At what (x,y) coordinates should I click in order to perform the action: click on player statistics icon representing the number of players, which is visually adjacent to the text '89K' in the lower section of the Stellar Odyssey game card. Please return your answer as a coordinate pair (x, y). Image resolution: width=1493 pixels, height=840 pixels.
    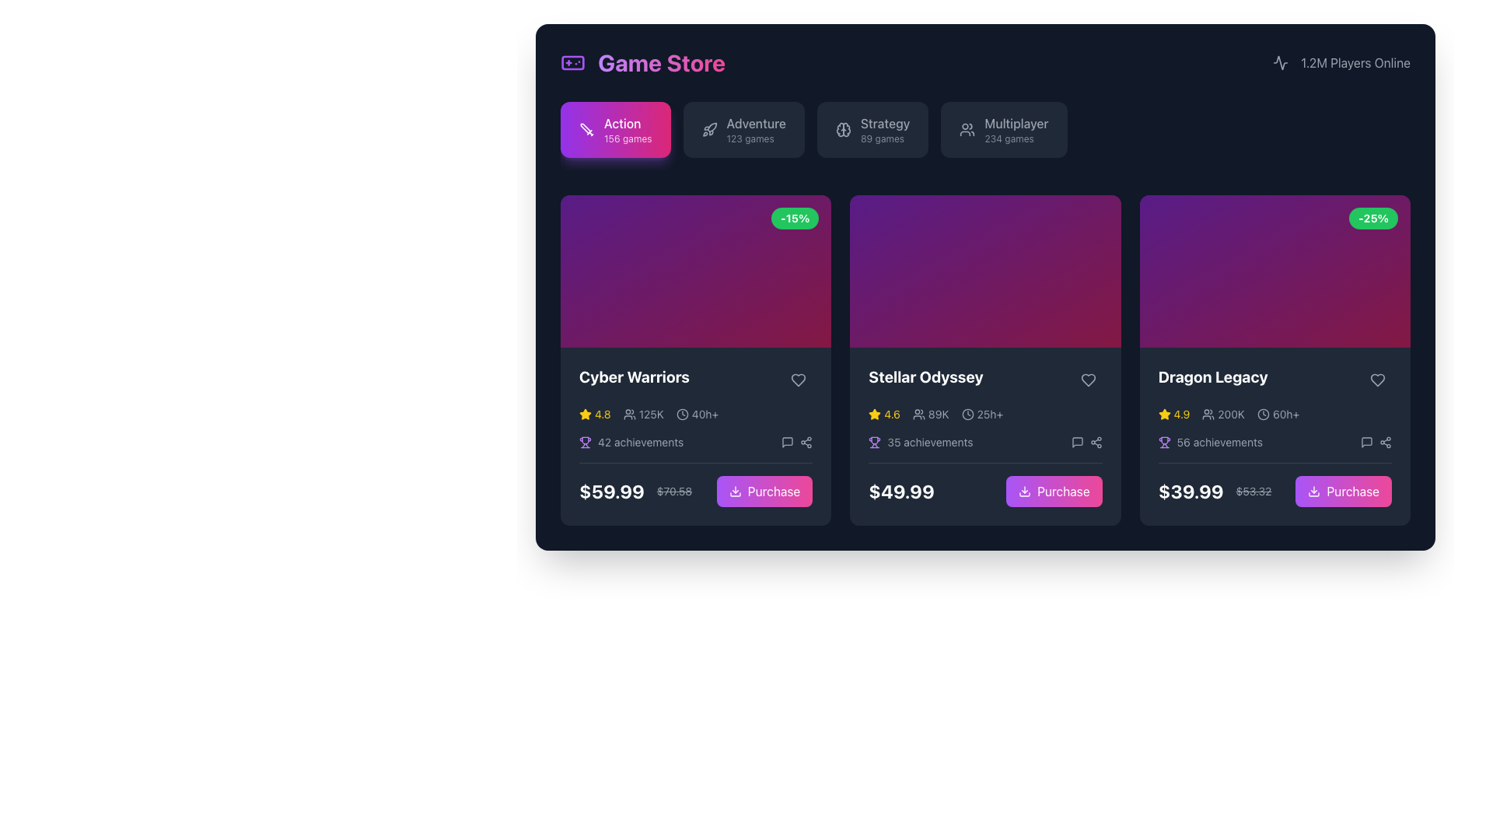
    Looking at the image, I should click on (918, 413).